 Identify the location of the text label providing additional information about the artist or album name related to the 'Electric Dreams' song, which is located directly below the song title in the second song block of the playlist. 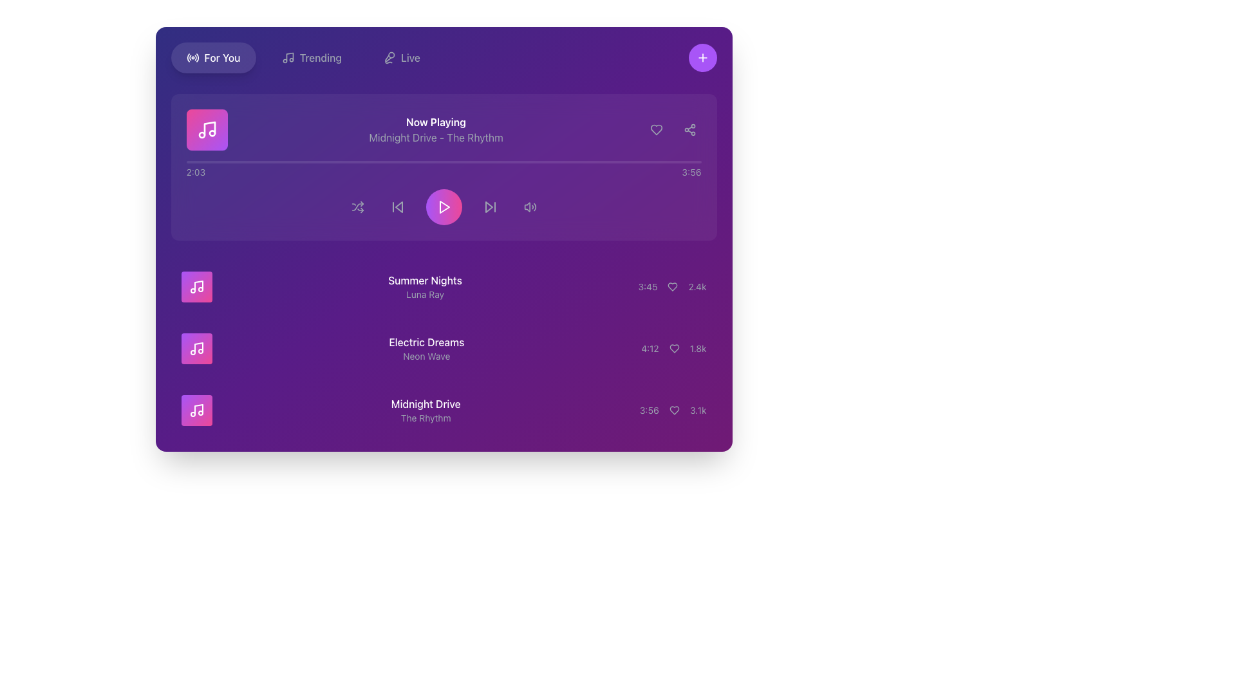
(426, 357).